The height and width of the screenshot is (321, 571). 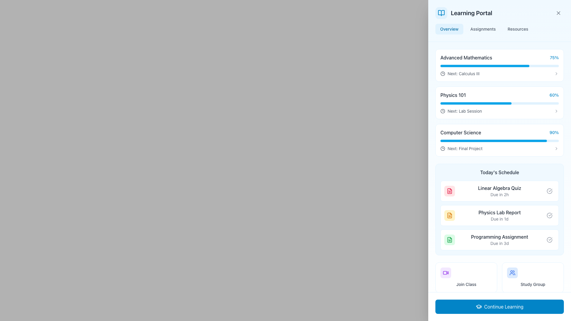 What do you see at coordinates (450, 191) in the screenshot?
I see `the icon that serves as a visual indicator for the 'Linear Algebra Quiz' entry in the 'Today's Schedule' section` at bounding box center [450, 191].